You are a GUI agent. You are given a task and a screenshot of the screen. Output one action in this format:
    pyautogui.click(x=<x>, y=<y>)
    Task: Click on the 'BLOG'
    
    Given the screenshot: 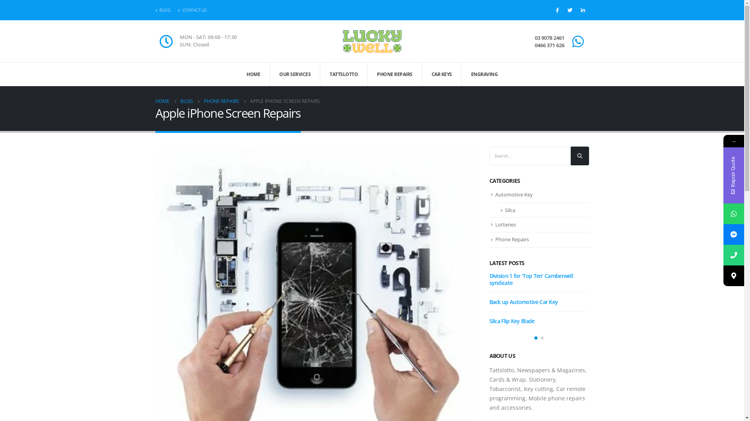 What is the action you would take?
    pyautogui.click(x=186, y=101)
    